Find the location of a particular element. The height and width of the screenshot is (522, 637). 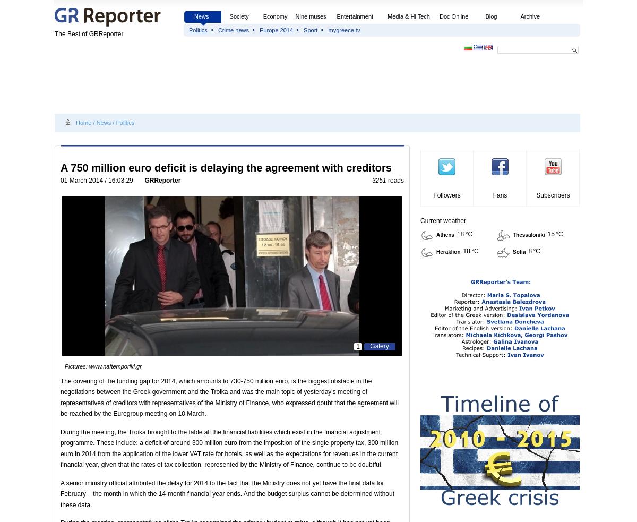

'Sport' is located at coordinates (310, 30).